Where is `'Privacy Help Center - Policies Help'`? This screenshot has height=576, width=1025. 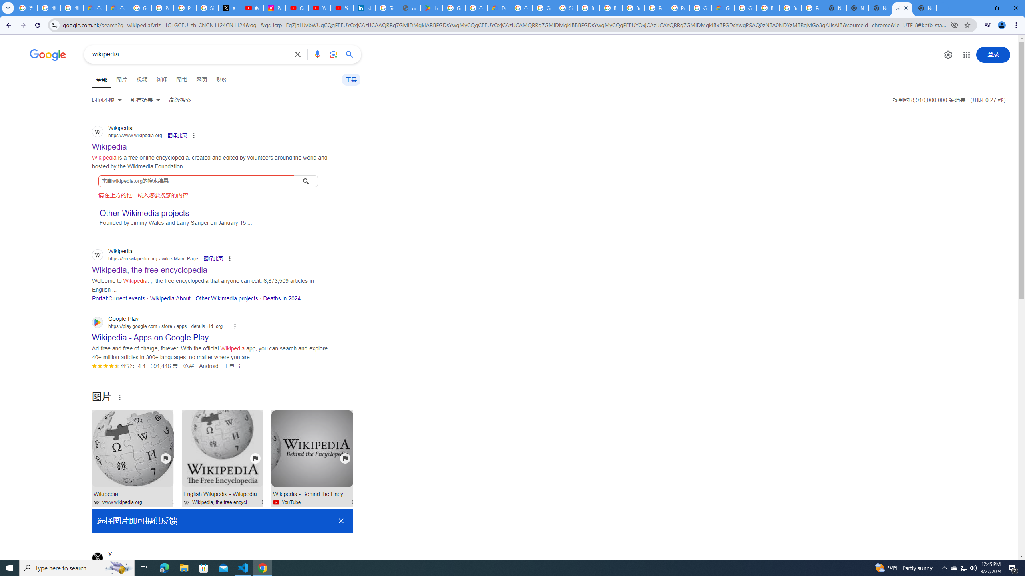
'Privacy Help Center - Policies Help' is located at coordinates (185, 8).